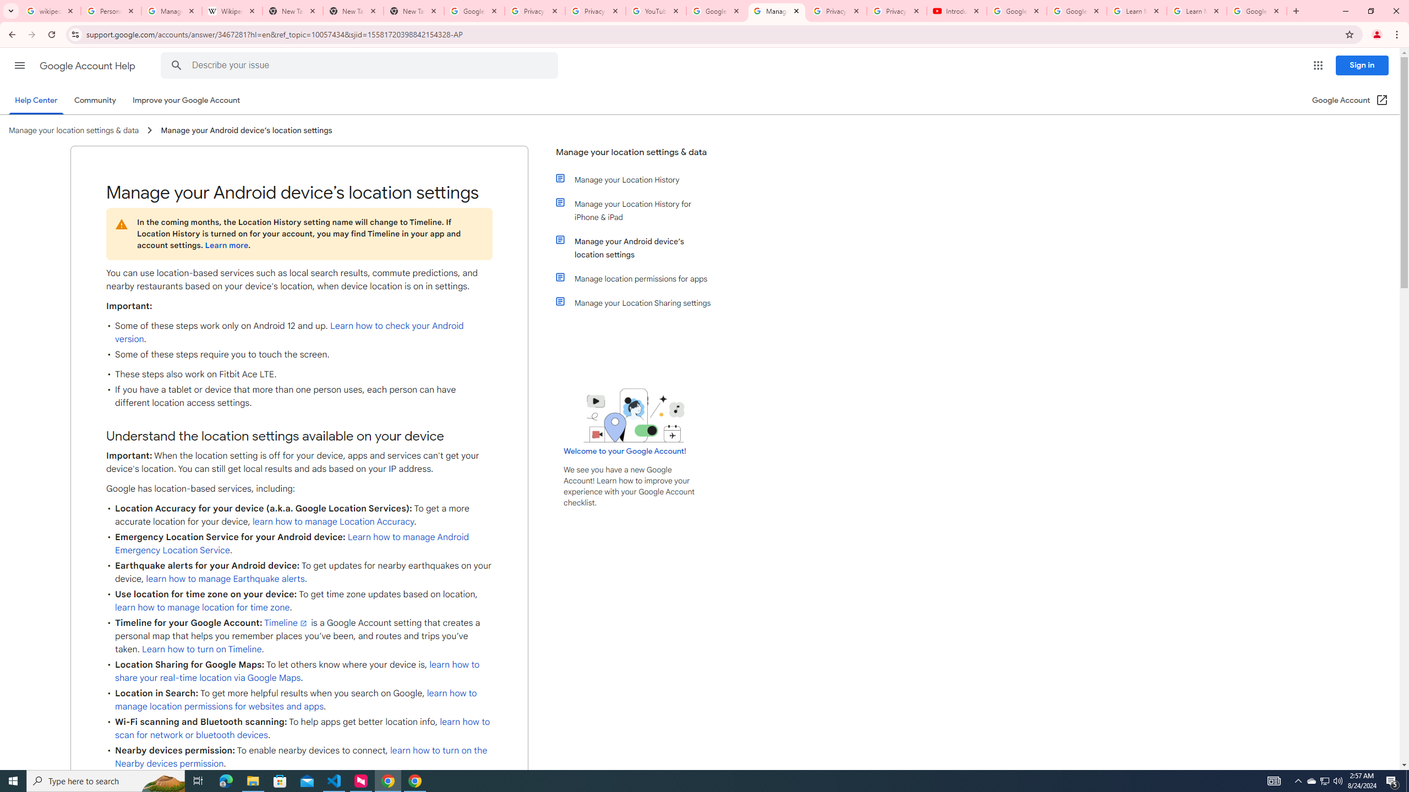 The width and height of the screenshot is (1409, 792). I want to click on 'Search Help Center', so click(176, 65).